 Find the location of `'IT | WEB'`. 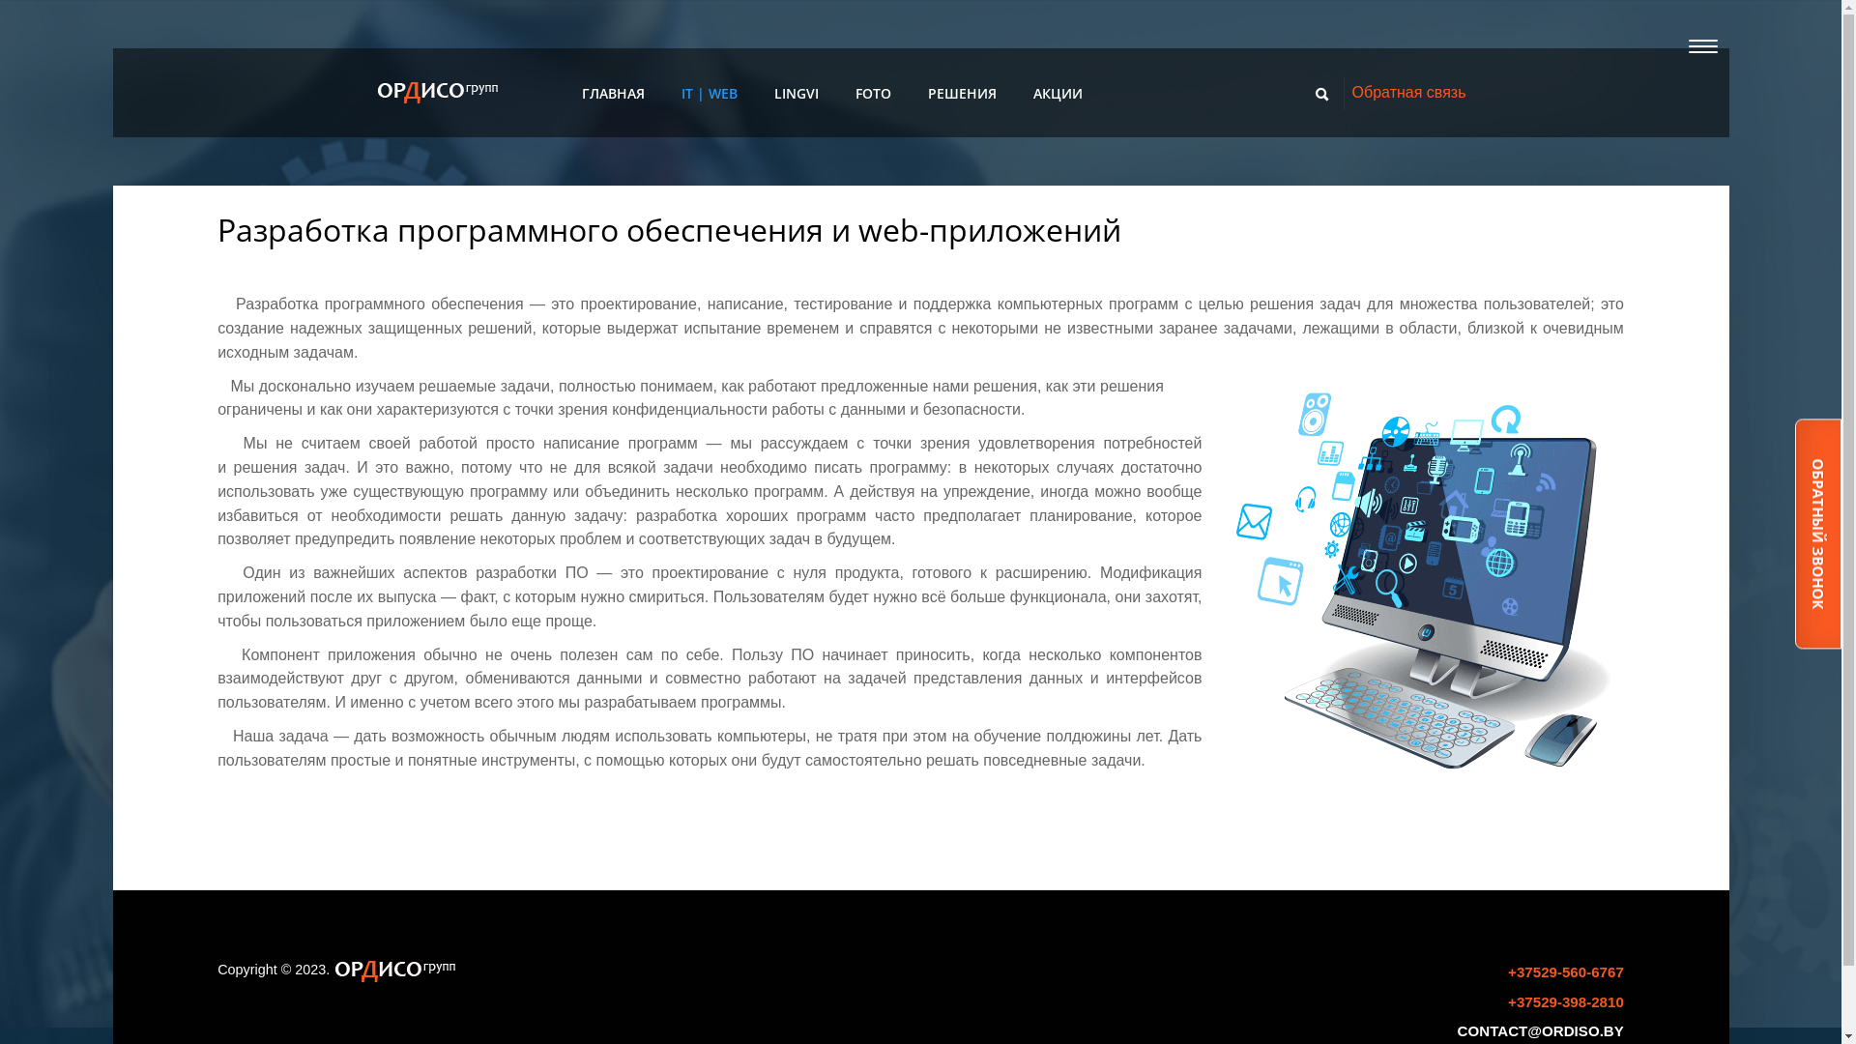

'IT | WEB' is located at coordinates (709, 93).